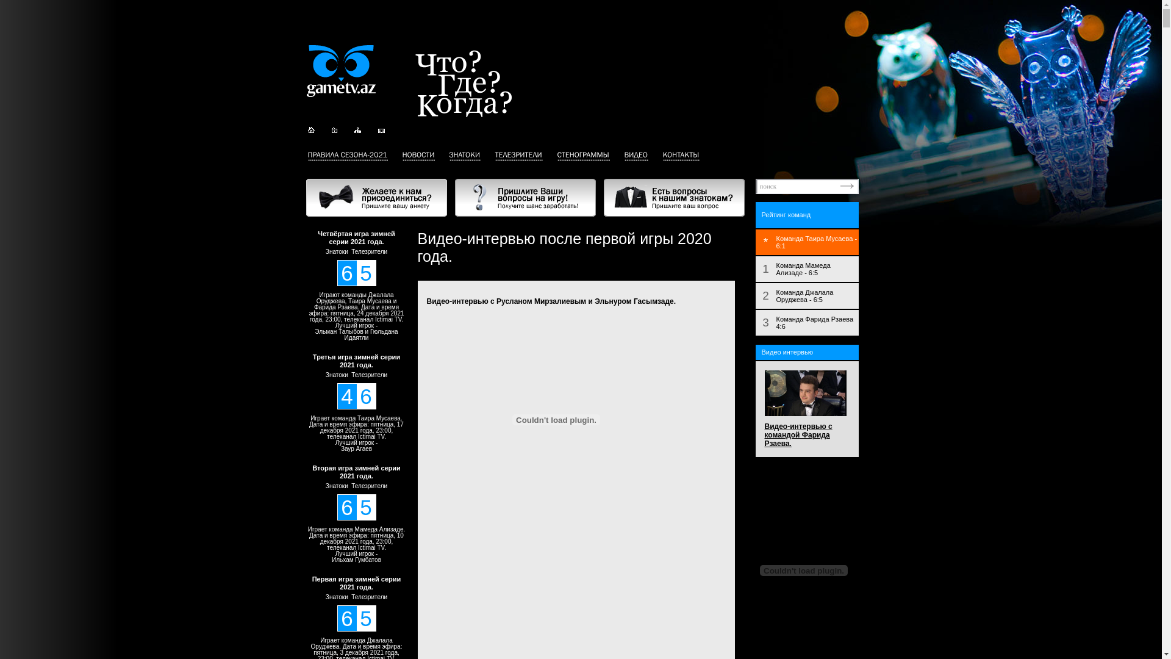 This screenshot has height=659, width=1171. What do you see at coordinates (356, 396) in the screenshot?
I see `'4 6'` at bounding box center [356, 396].